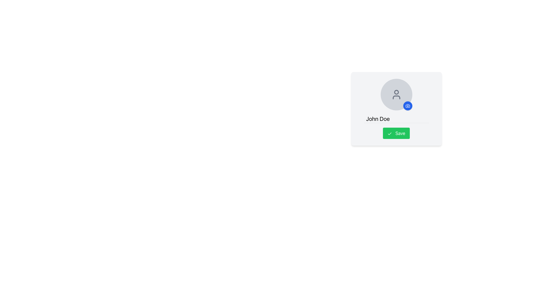 This screenshot has height=305, width=543. What do you see at coordinates (396, 133) in the screenshot?
I see `the green 'Save' button with a white checkmark icon located in the bottom area of the card layout to visualize the styling change` at bounding box center [396, 133].